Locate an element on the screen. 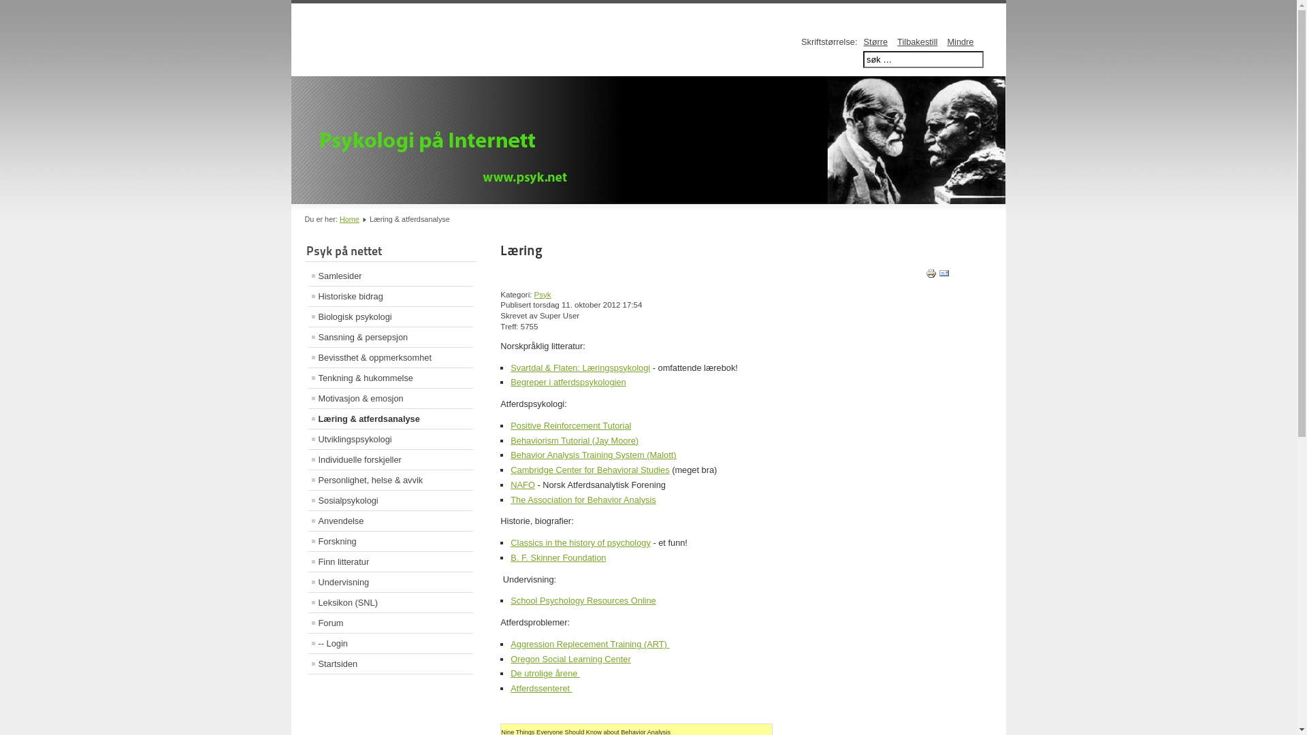  'Historiske bidrag' is located at coordinates (306, 295).